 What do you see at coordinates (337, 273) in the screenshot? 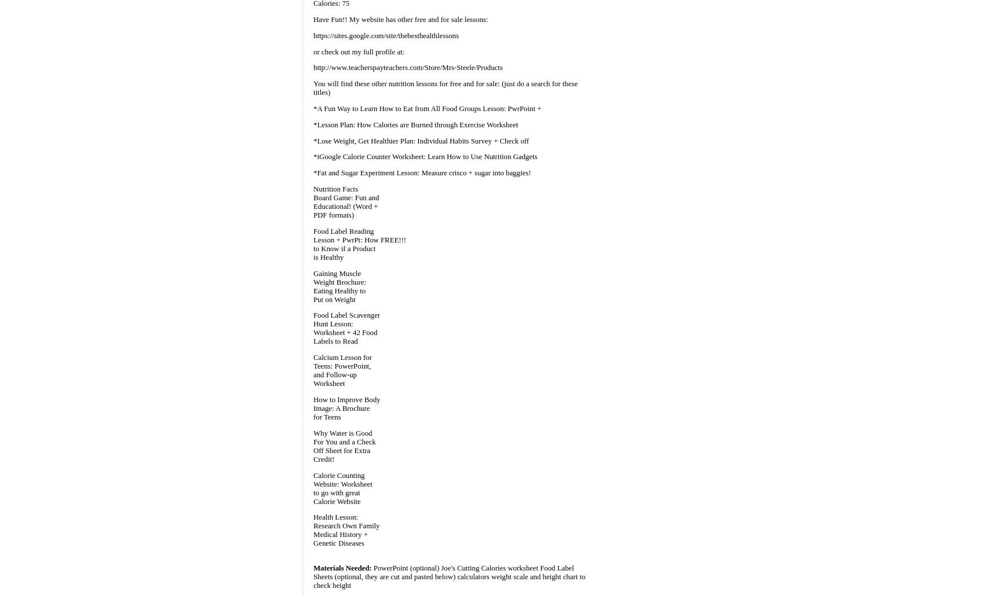
I see `'Gaining Muscle'` at bounding box center [337, 273].